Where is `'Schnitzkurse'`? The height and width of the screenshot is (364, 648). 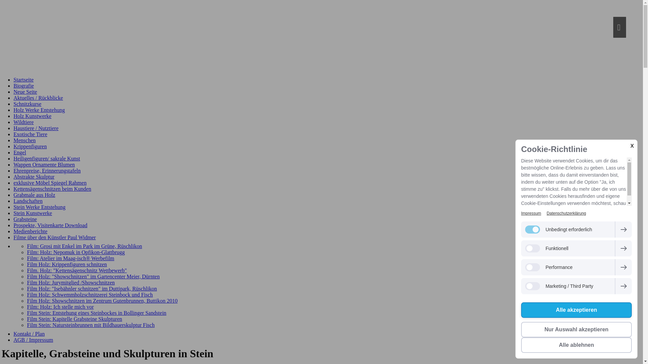
'Schnitzkurse' is located at coordinates (27, 104).